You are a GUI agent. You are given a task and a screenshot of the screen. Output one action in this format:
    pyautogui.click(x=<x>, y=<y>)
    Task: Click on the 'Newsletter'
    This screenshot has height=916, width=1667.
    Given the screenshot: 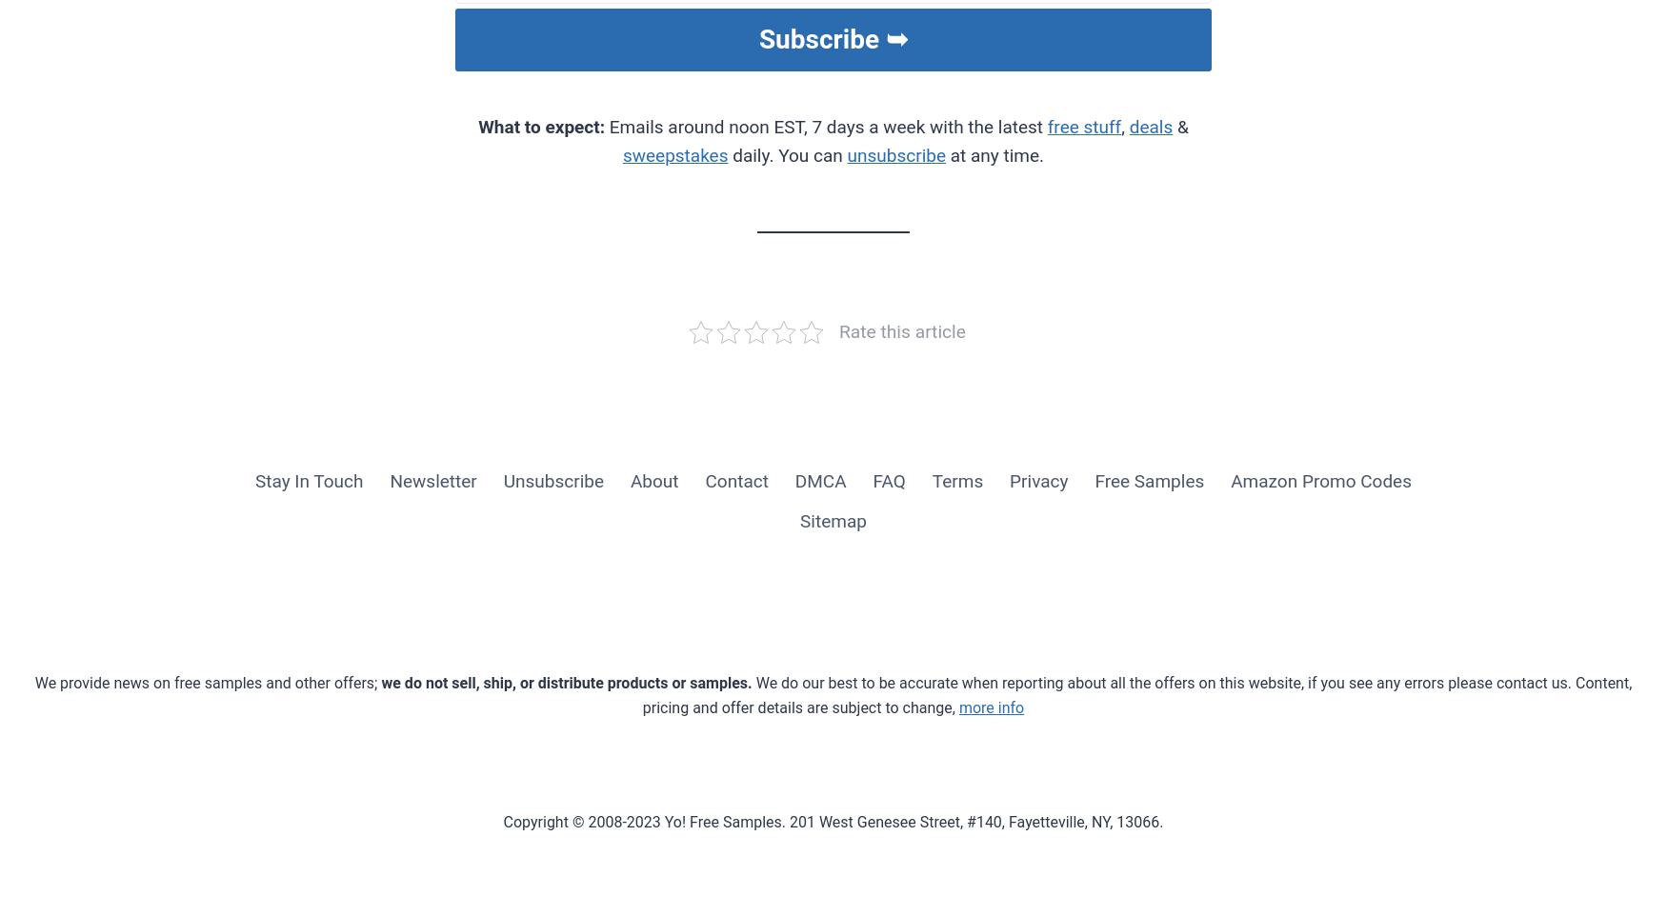 What is the action you would take?
    pyautogui.click(x=432, y=480)
    